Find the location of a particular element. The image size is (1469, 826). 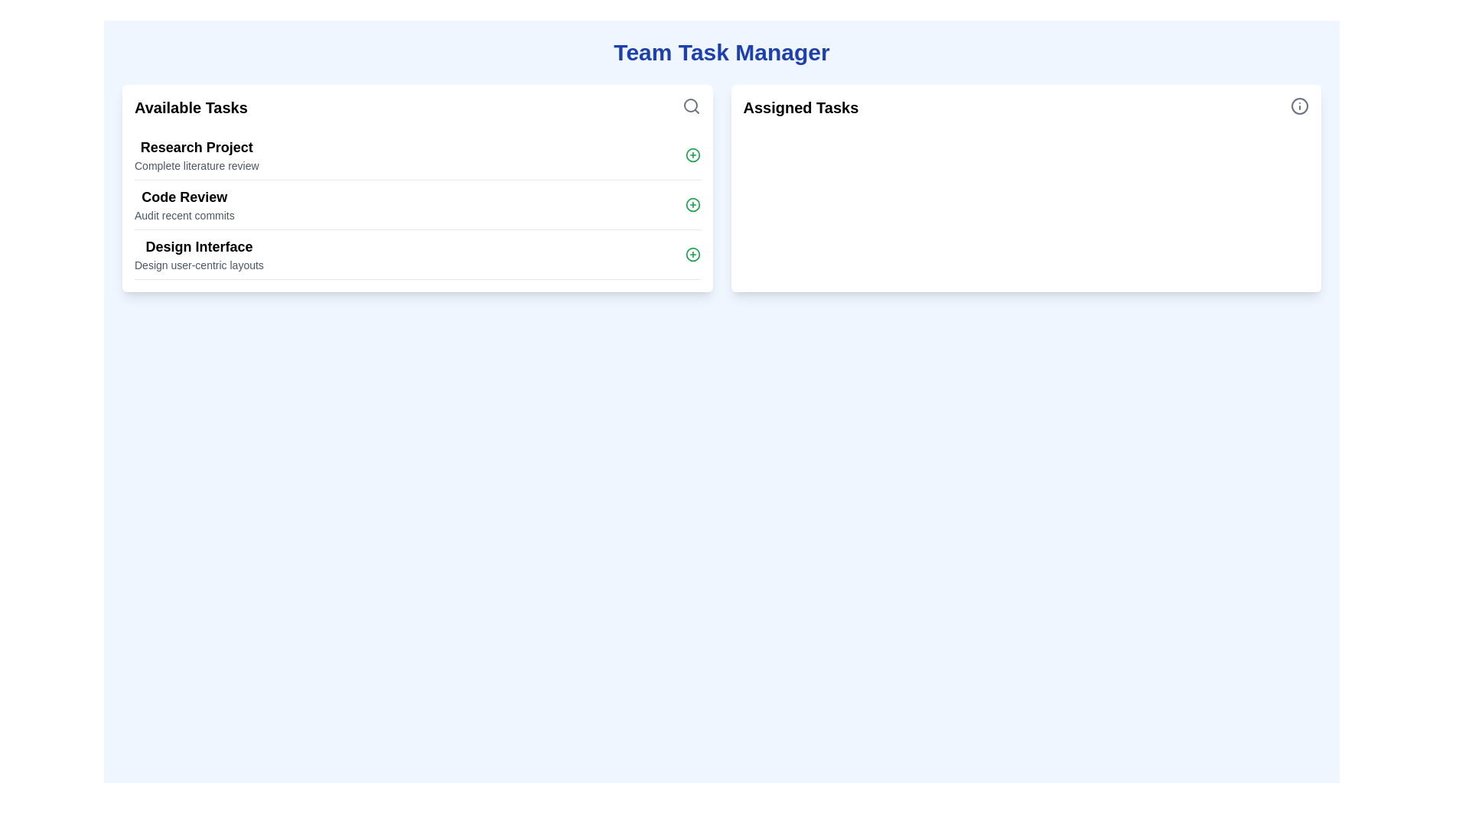

the Text Label that serves as the title for a specific task within the 'Available Tasks' section, positioned between 'Research Project' and 'Audit recent commits' is located at coordinates (184, 197).